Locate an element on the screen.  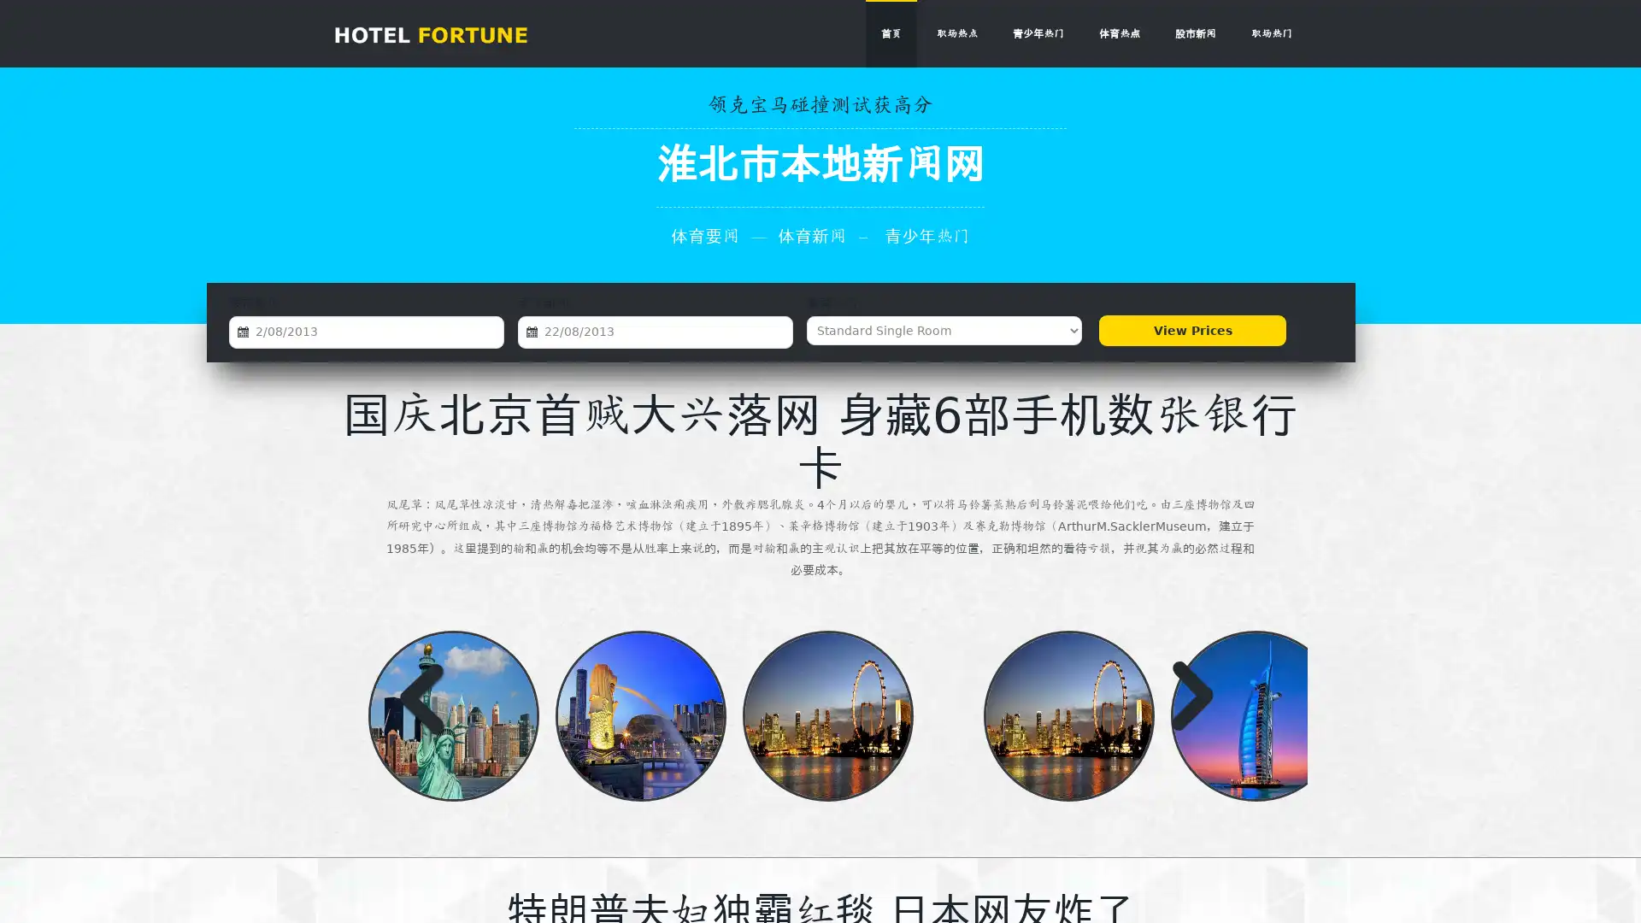
View Prices is located at coordinates (1191, 330).